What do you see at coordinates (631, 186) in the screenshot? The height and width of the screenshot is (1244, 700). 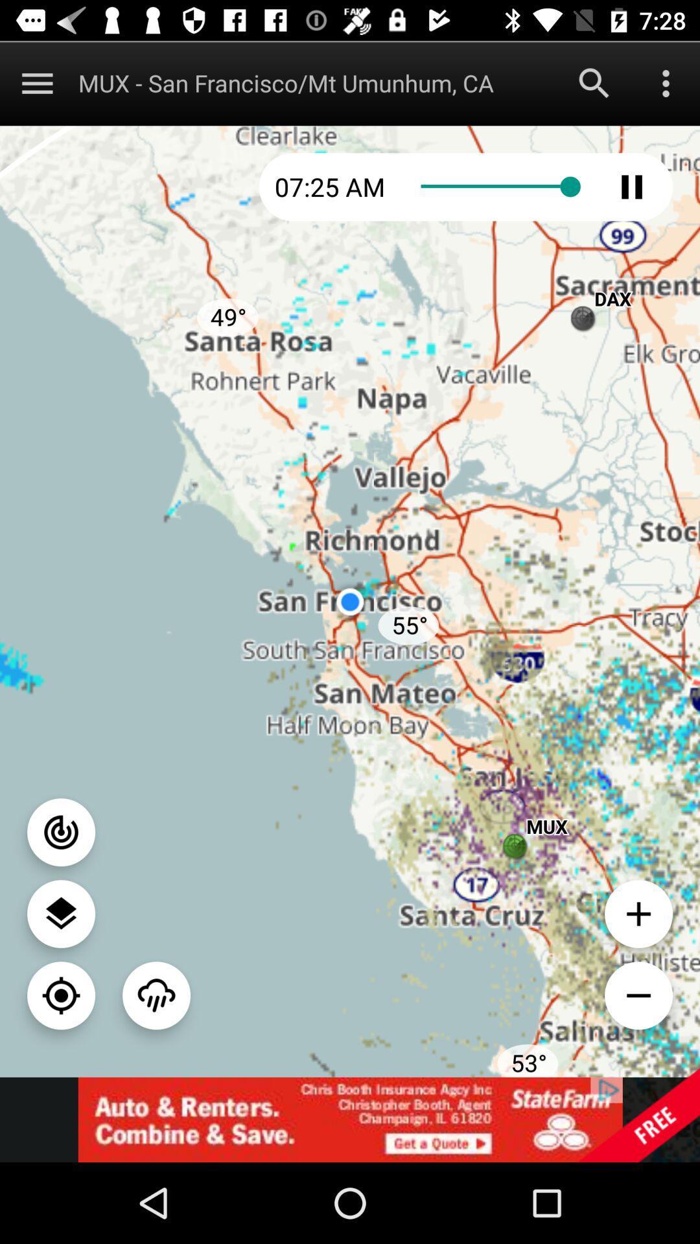 I see `click pause option` at bounding box center [631, 186].